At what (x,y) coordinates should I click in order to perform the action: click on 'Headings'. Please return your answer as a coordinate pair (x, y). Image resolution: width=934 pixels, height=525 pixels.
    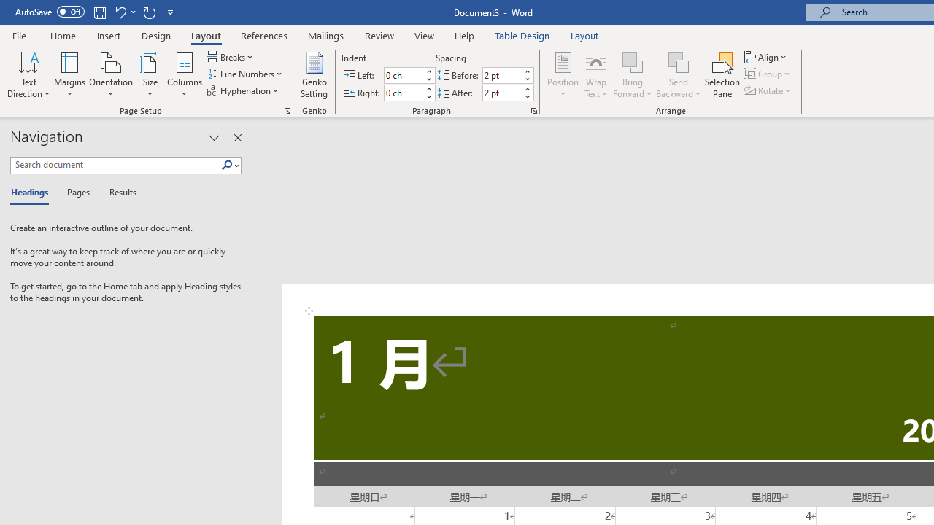
    Looking at the image, I should click on (33, 192).